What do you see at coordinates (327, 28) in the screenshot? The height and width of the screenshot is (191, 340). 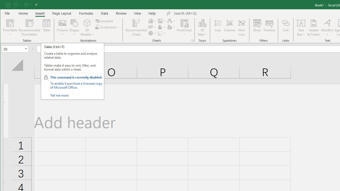 I see `'WordArt'` at bounding box center [327, 28].